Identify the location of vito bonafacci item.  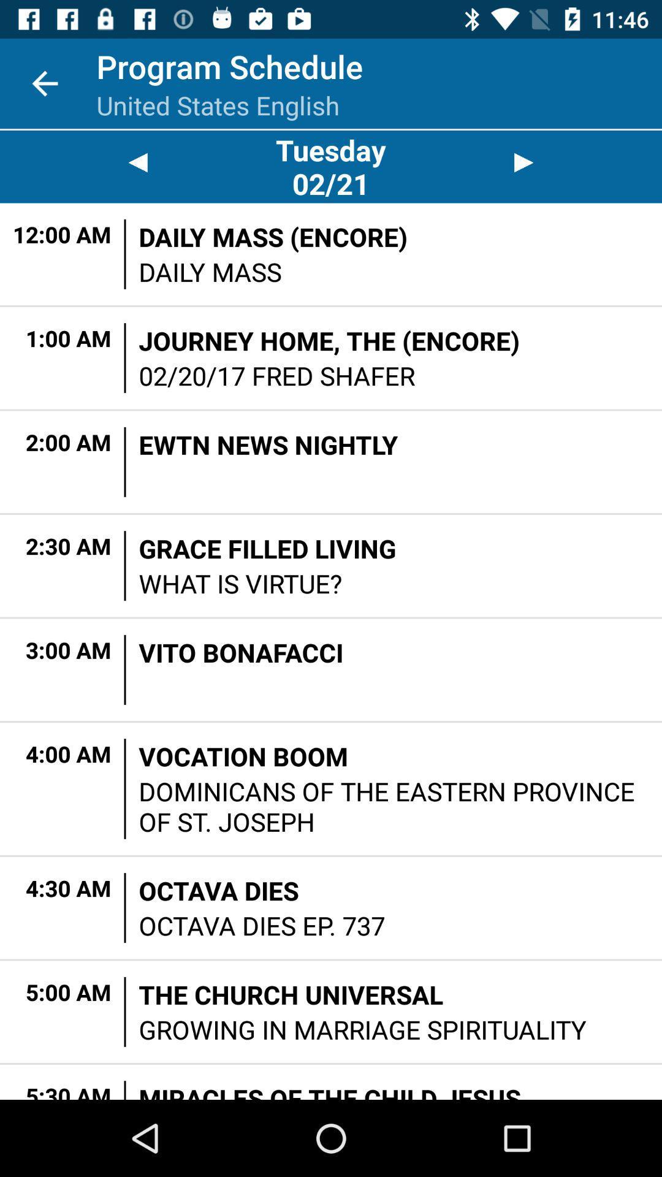
(241, 652).